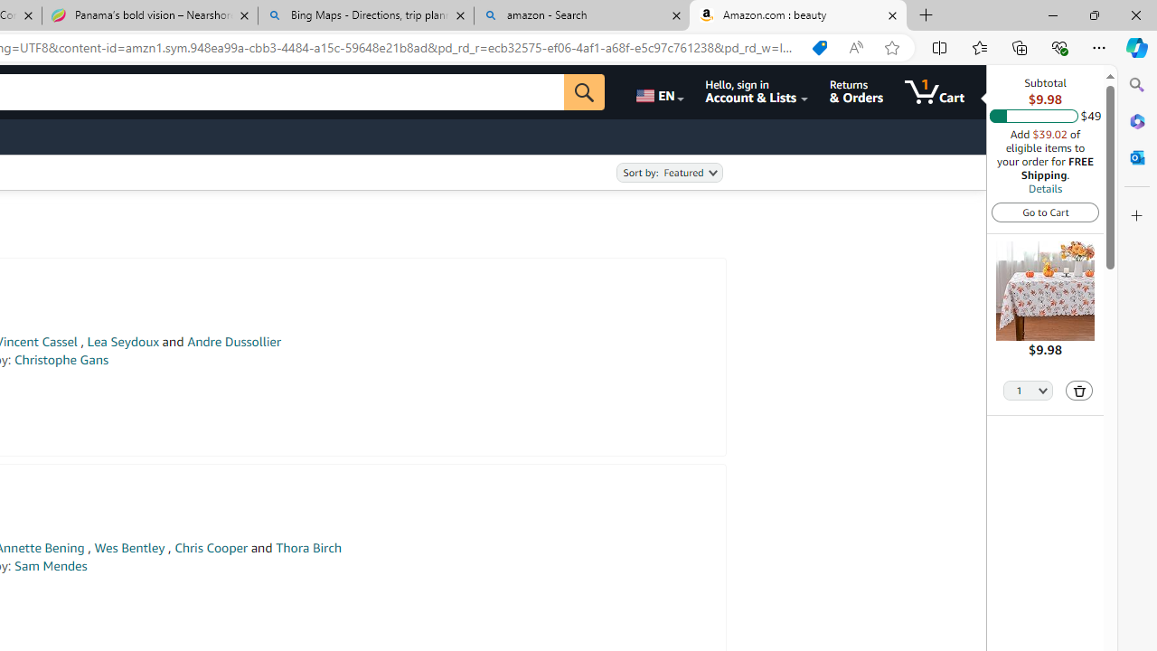  What do you see at coordinates (128, 547) in the screenshot?
I see `'Wes Bentley'` at bounding box center [128, 547].